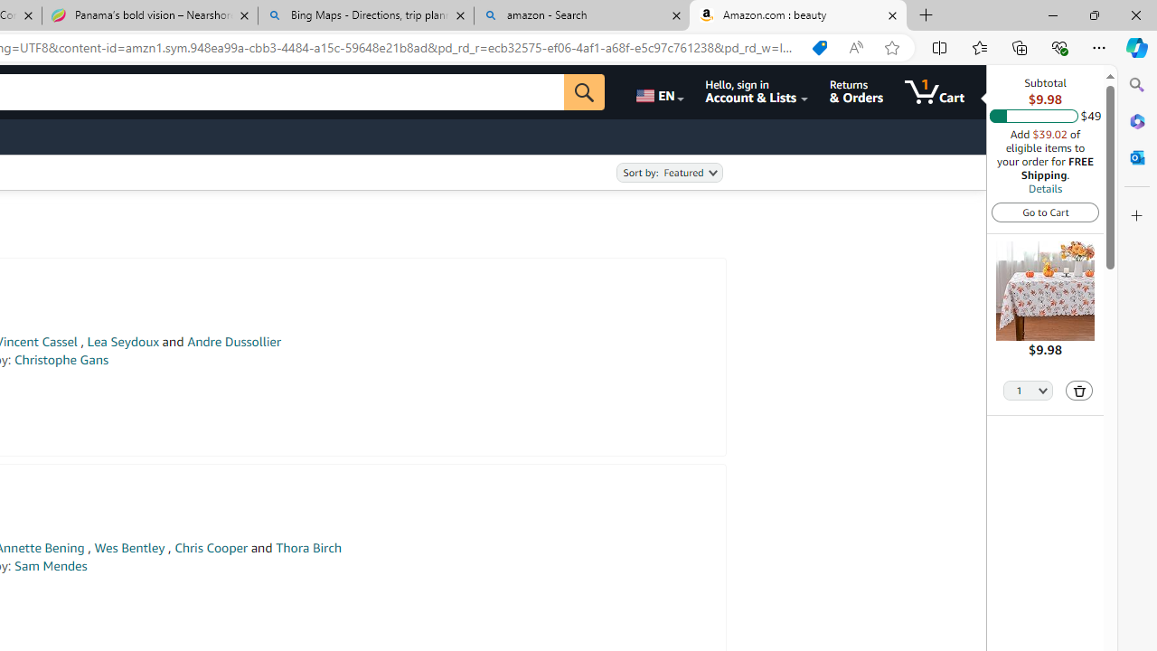  What do you see at coordinates (128, 547) in the screenshot?
I see `'Wes Bentley'` at bounding box center [128, 547].